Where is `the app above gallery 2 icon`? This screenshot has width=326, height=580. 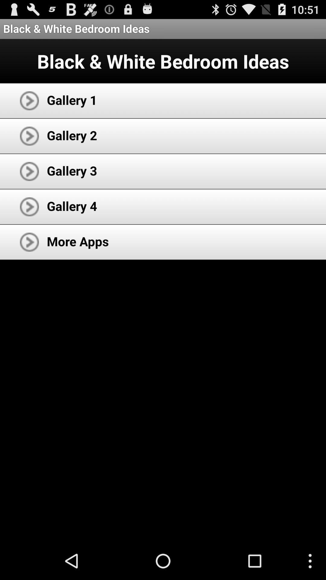
the app above gallery 2 icon is located at coordinates (72, 100).